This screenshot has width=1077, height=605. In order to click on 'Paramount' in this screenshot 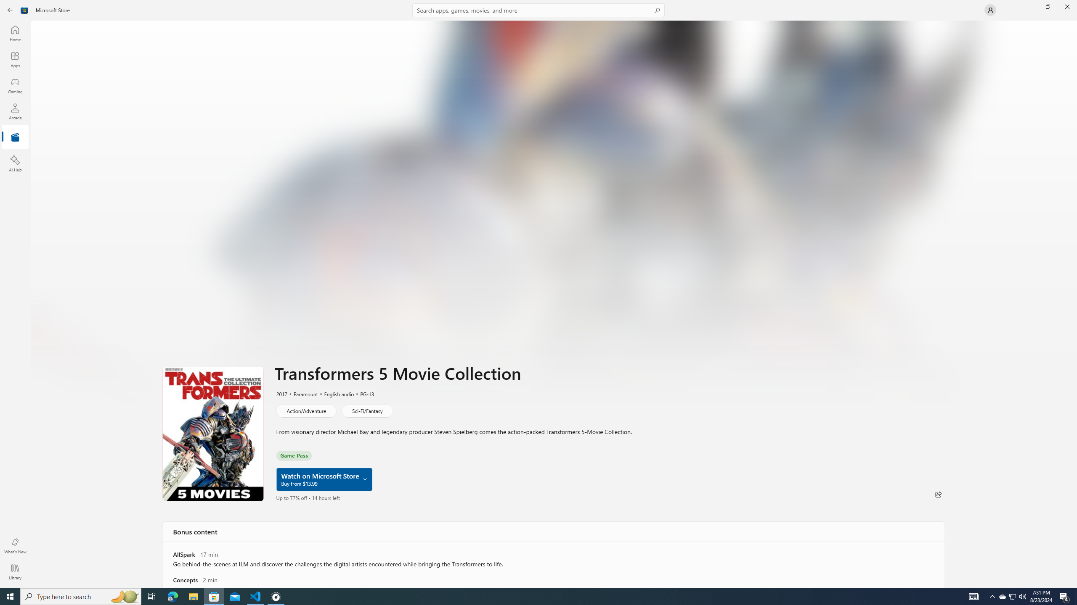, I will do `click(302, 394)`.